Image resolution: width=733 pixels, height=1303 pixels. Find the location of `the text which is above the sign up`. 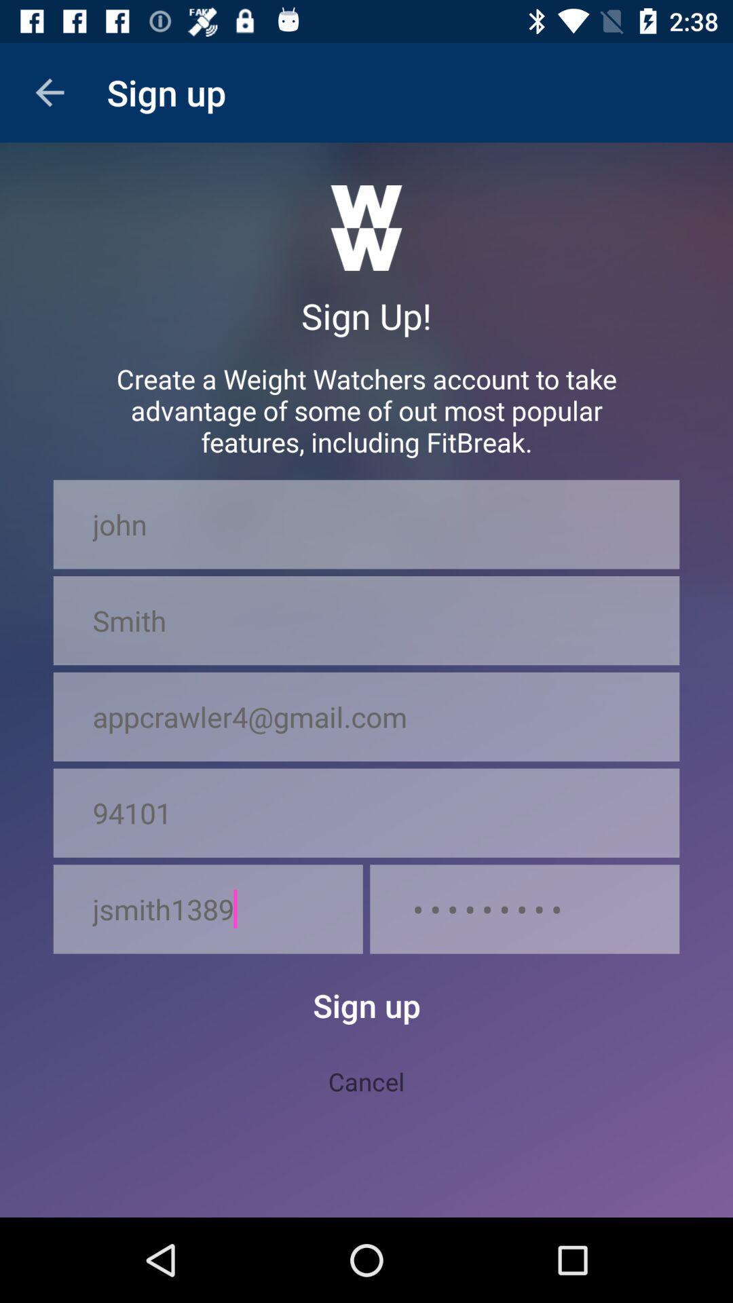

the text which is above the sign up is located at coordinates (366, 228).